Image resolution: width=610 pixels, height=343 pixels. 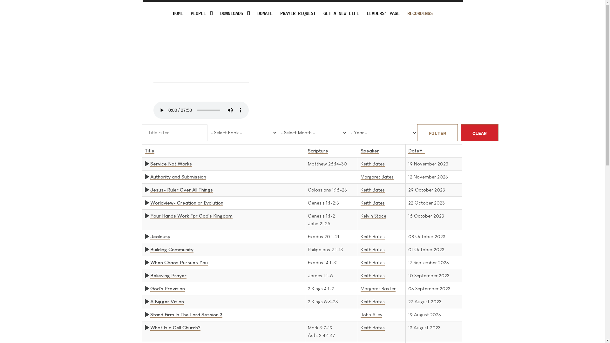 What do you see at coordinates (372, 301) in the screenshot?
I see `'Keith Bates'` at bounding box center [372, 301].